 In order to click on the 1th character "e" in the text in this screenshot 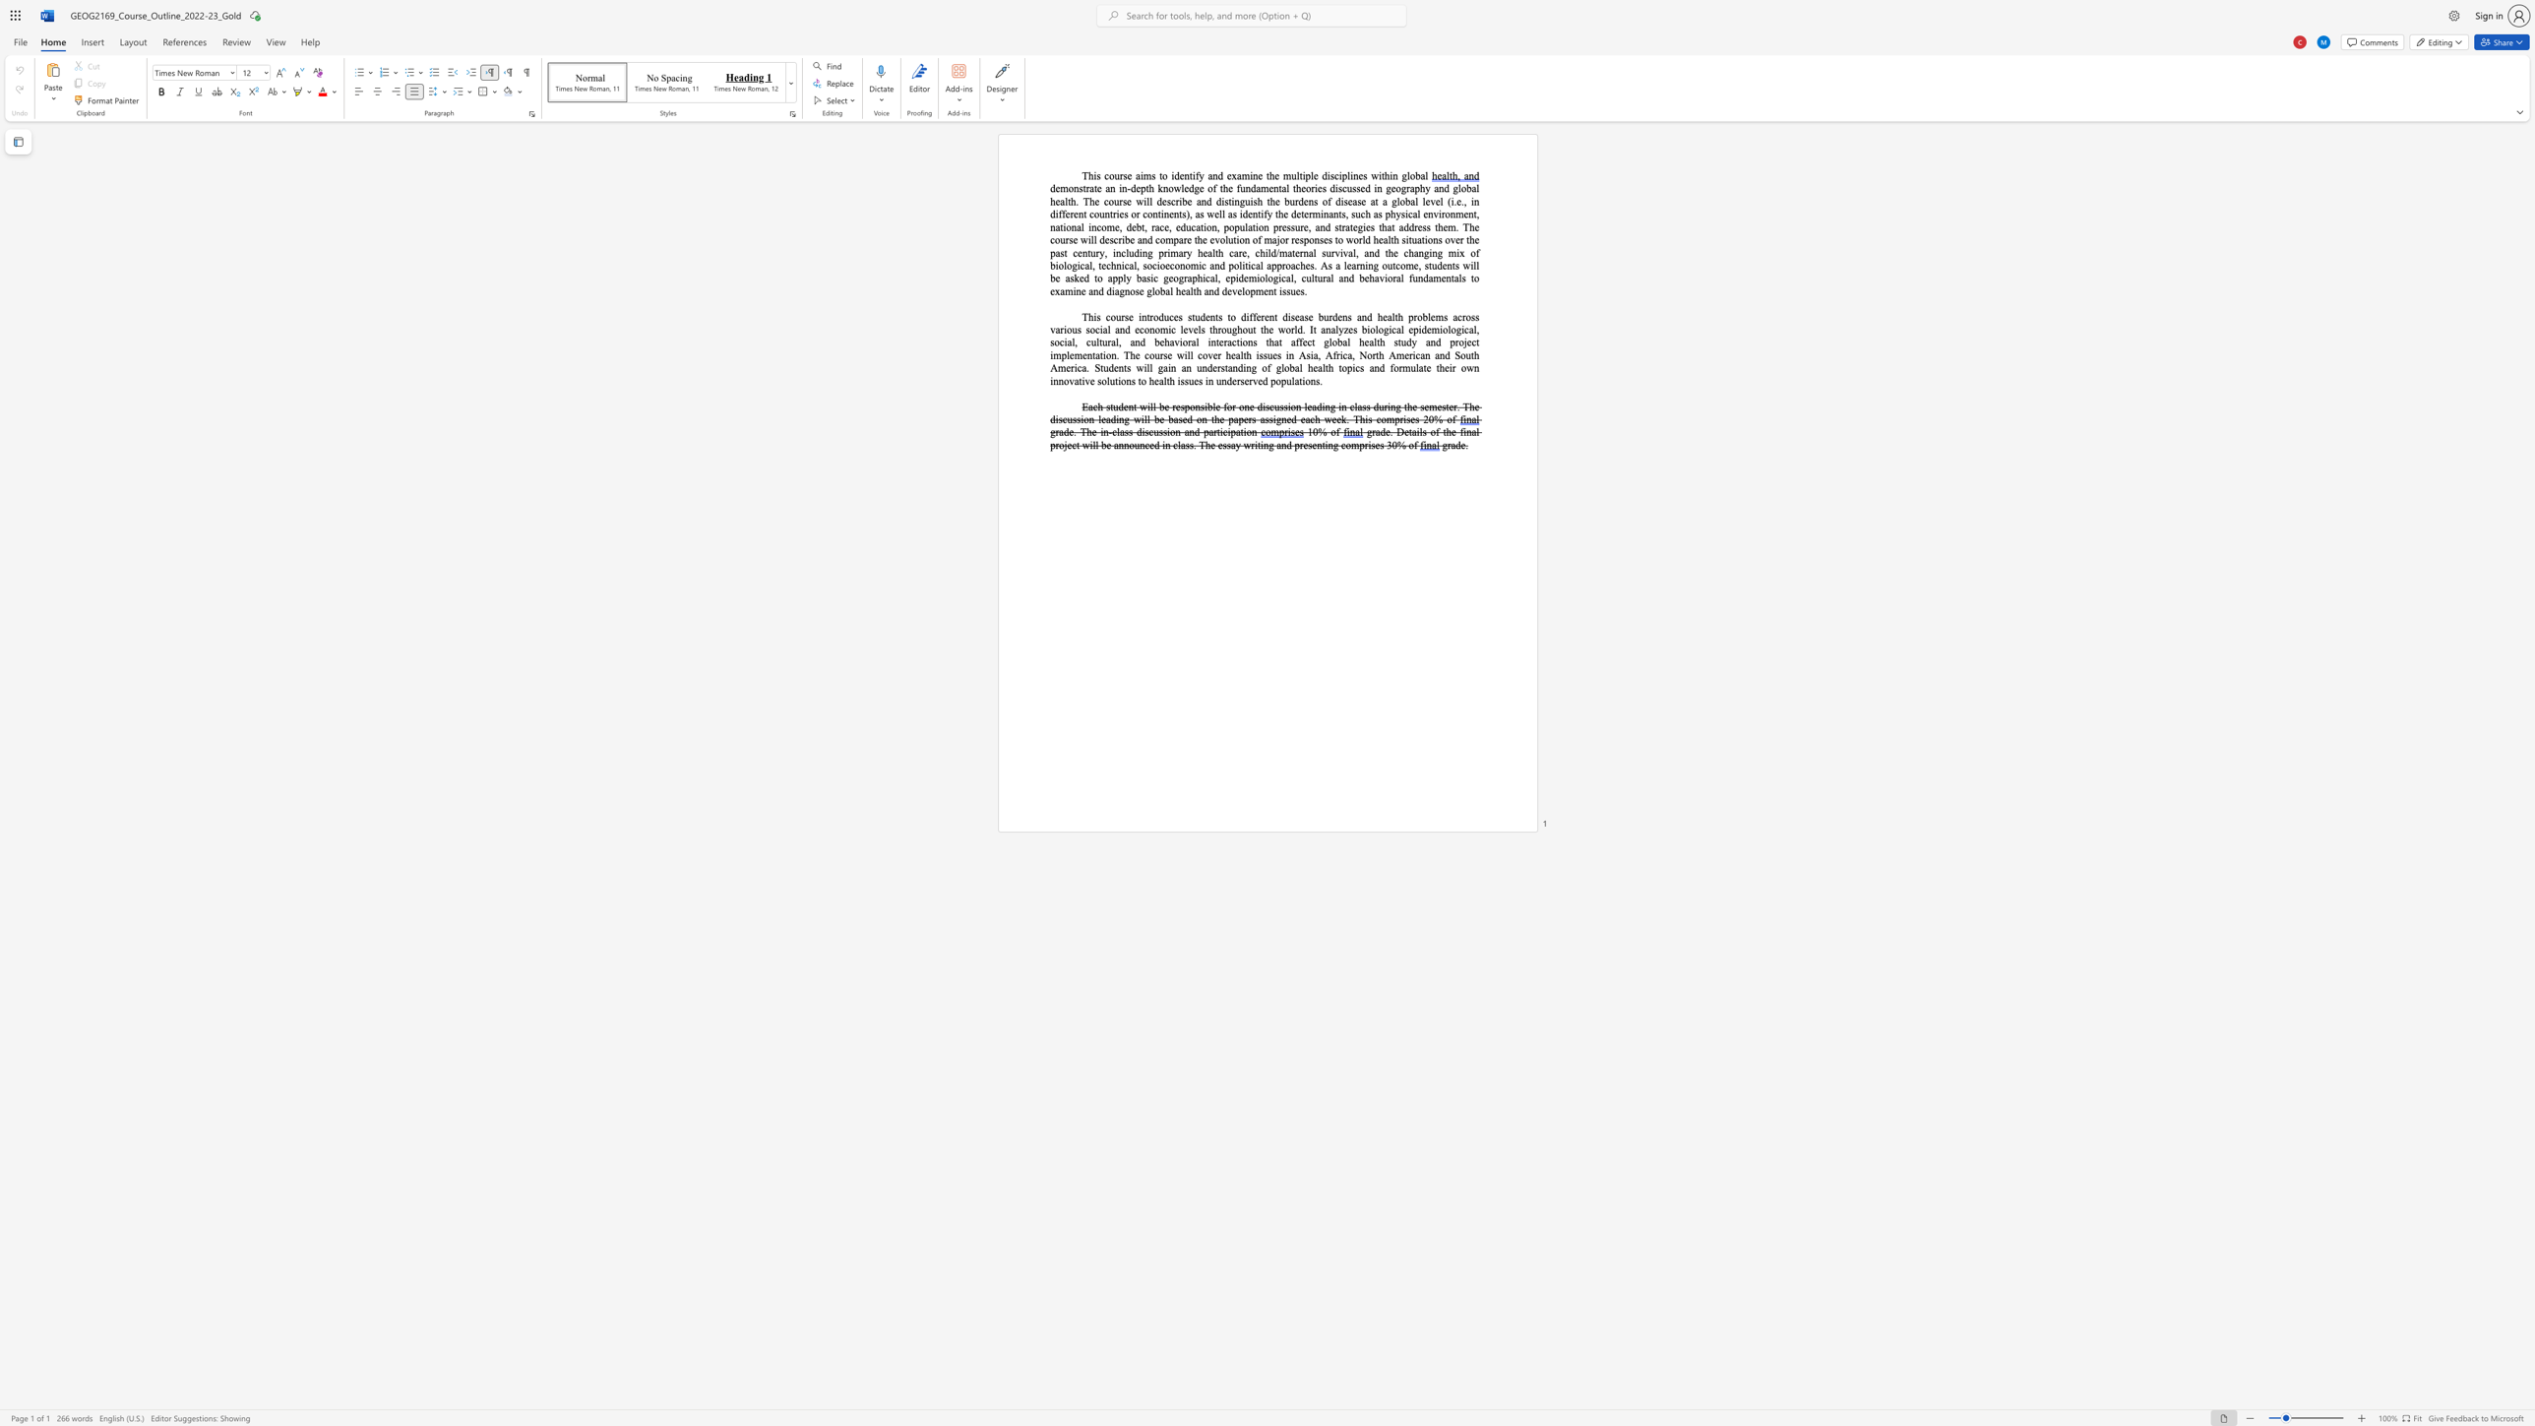, I will do `click(1387, 432)`.